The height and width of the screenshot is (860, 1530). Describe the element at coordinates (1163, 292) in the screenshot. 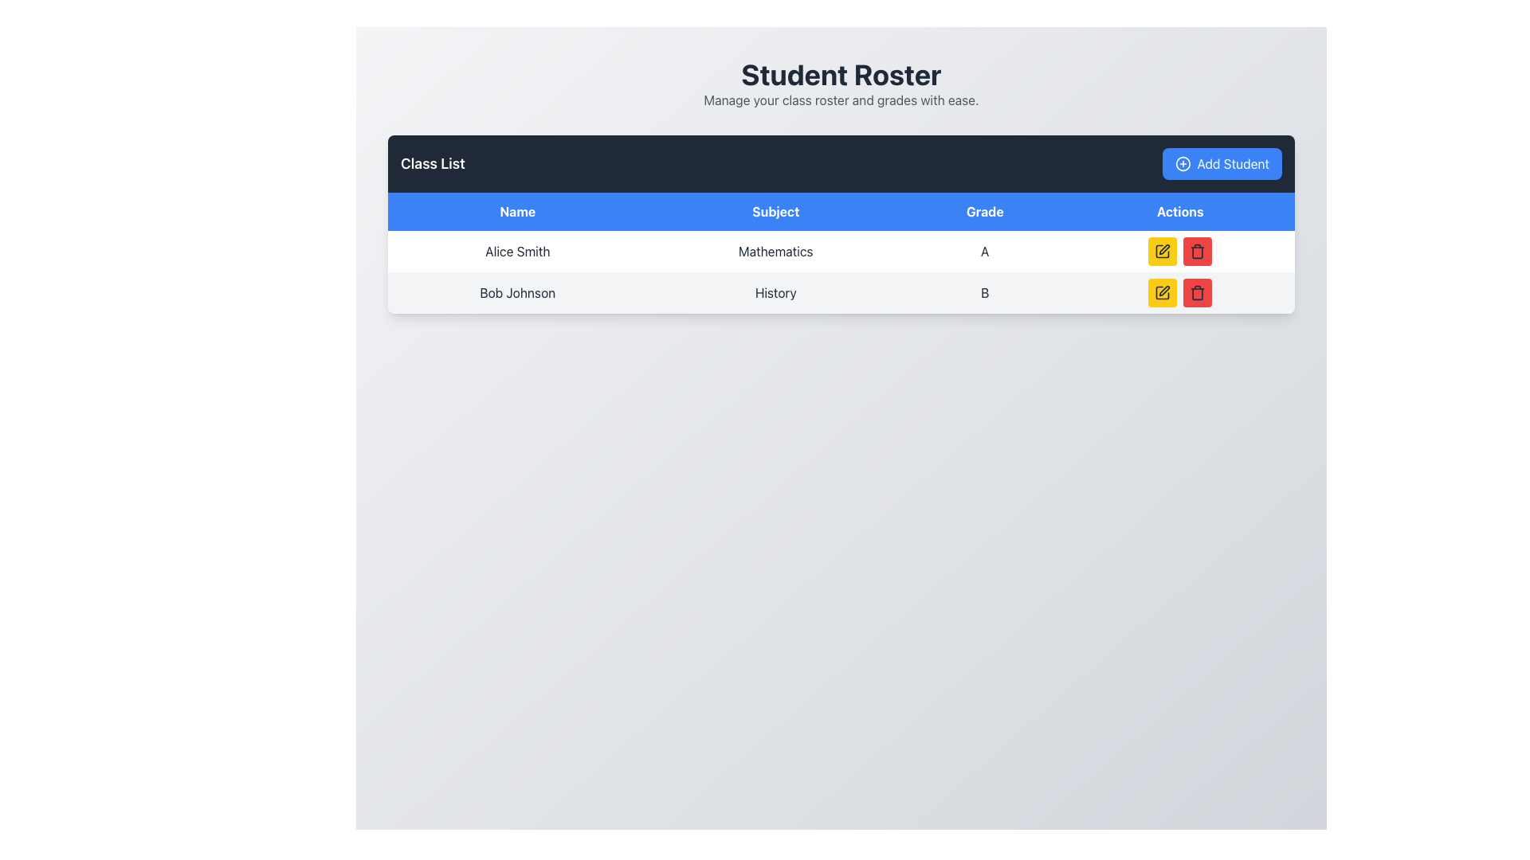

I see `the pencil icon in the Actions column of the second row` at that location.